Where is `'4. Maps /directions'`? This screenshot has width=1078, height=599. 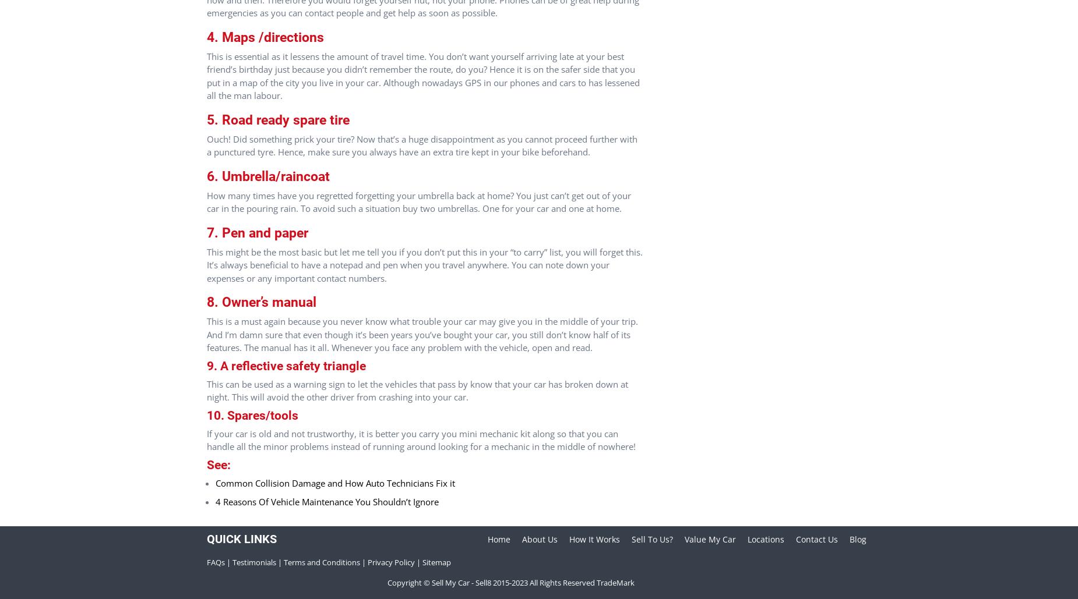 '4. Maps /directions' is located at coordinates (265, 37).